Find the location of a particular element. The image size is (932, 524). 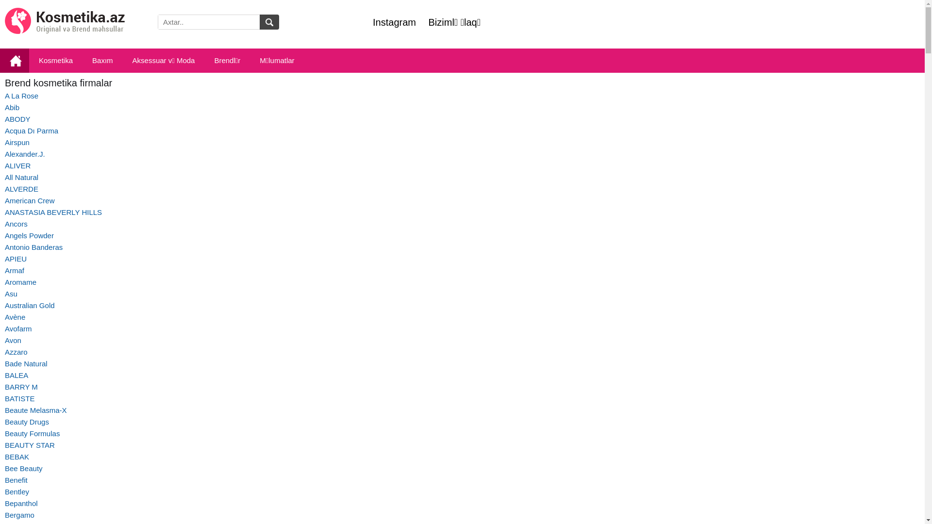

'Beaute Melasma-X' is located at coordinates (35, 410).